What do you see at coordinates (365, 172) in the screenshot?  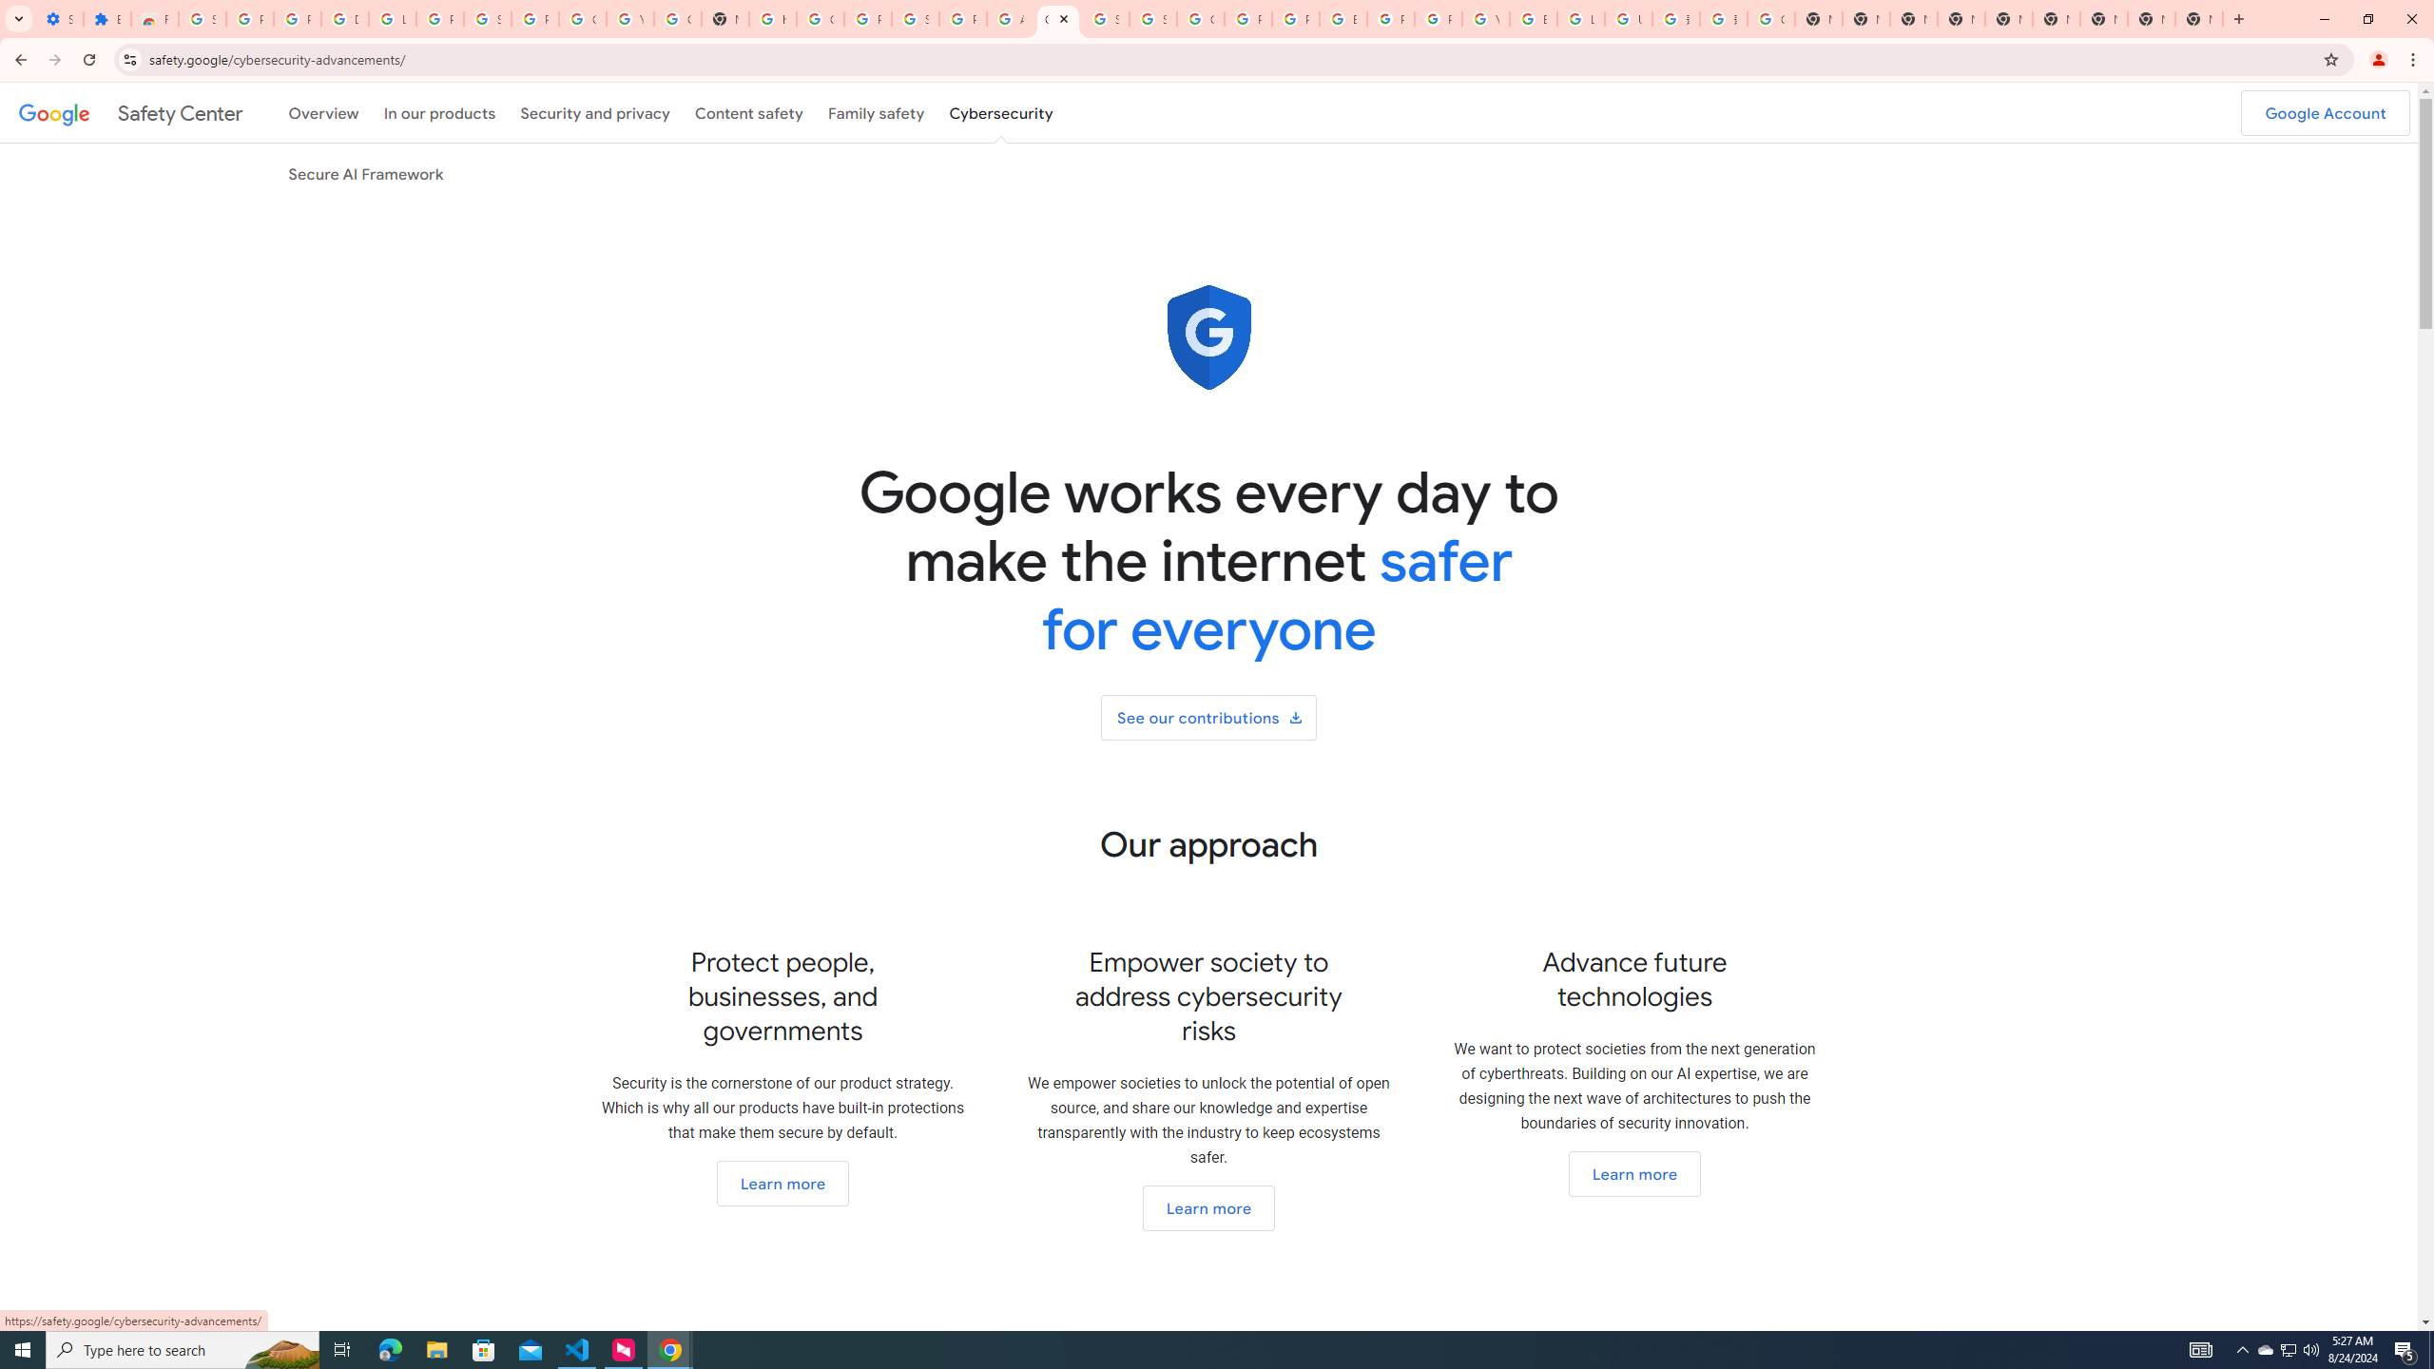 I see `'Secure AI Framework'` at bounding box center [365, 172].